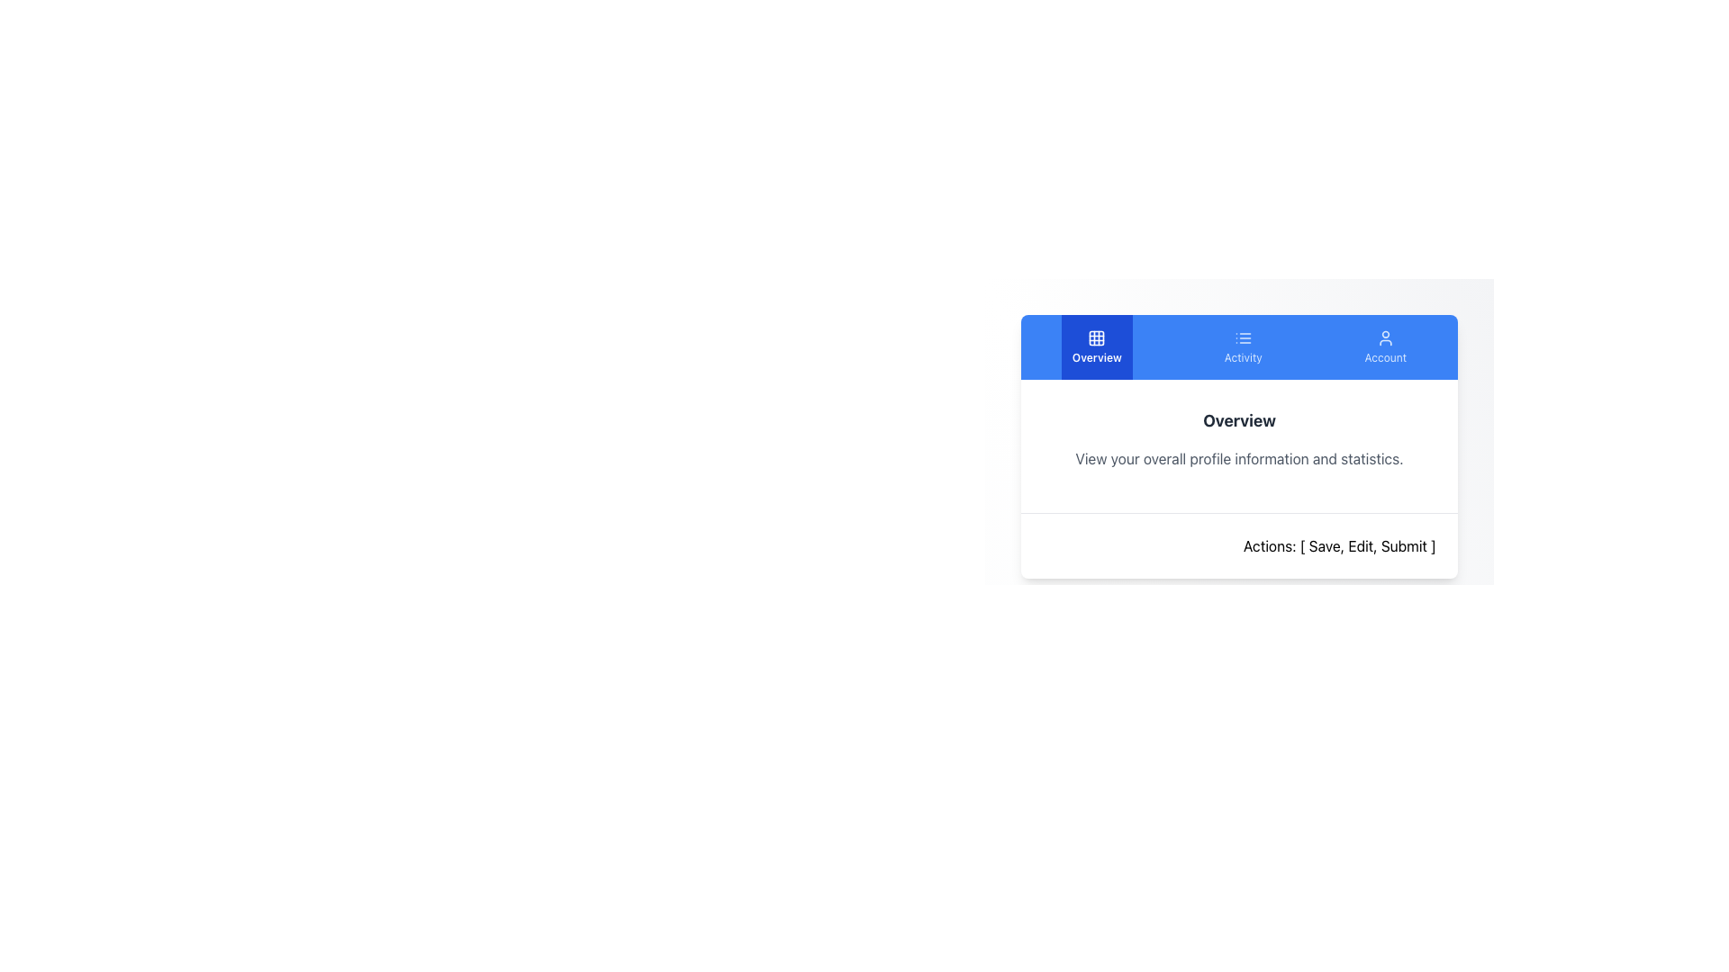  What do you see at coordinates (1384, 357) in the screenshot?
I see `the 'Account' text label in the navigation menu, which serves as a label for the associated user profile icon above it, located at the top-right segment of the interface` at bounding box center [1384, 357].